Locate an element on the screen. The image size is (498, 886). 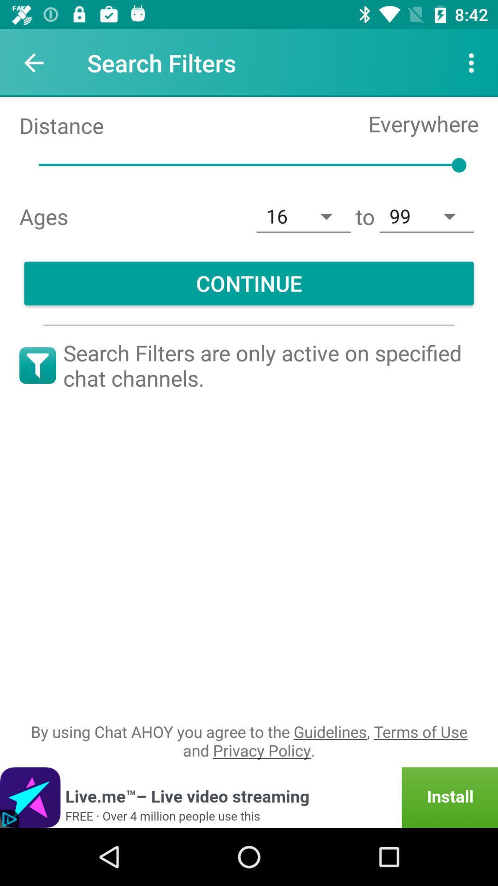
the icon above the everywhere item is located at coordinates (474, 62).